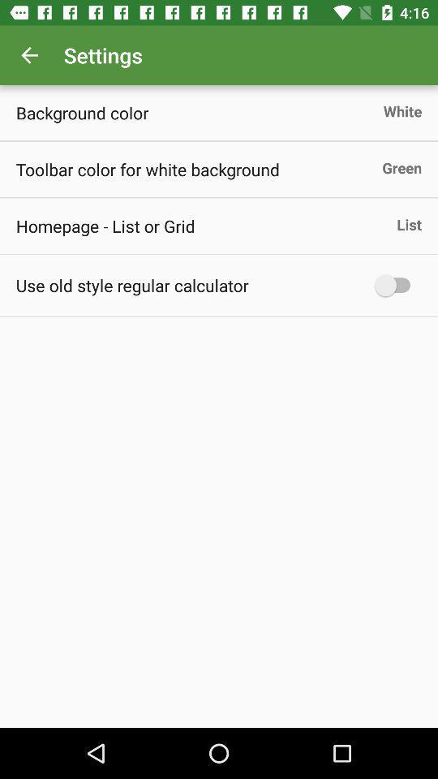  Describe the element at coordinates (105, 225) in the screenshot. I see `the homepage list or item` at that location.